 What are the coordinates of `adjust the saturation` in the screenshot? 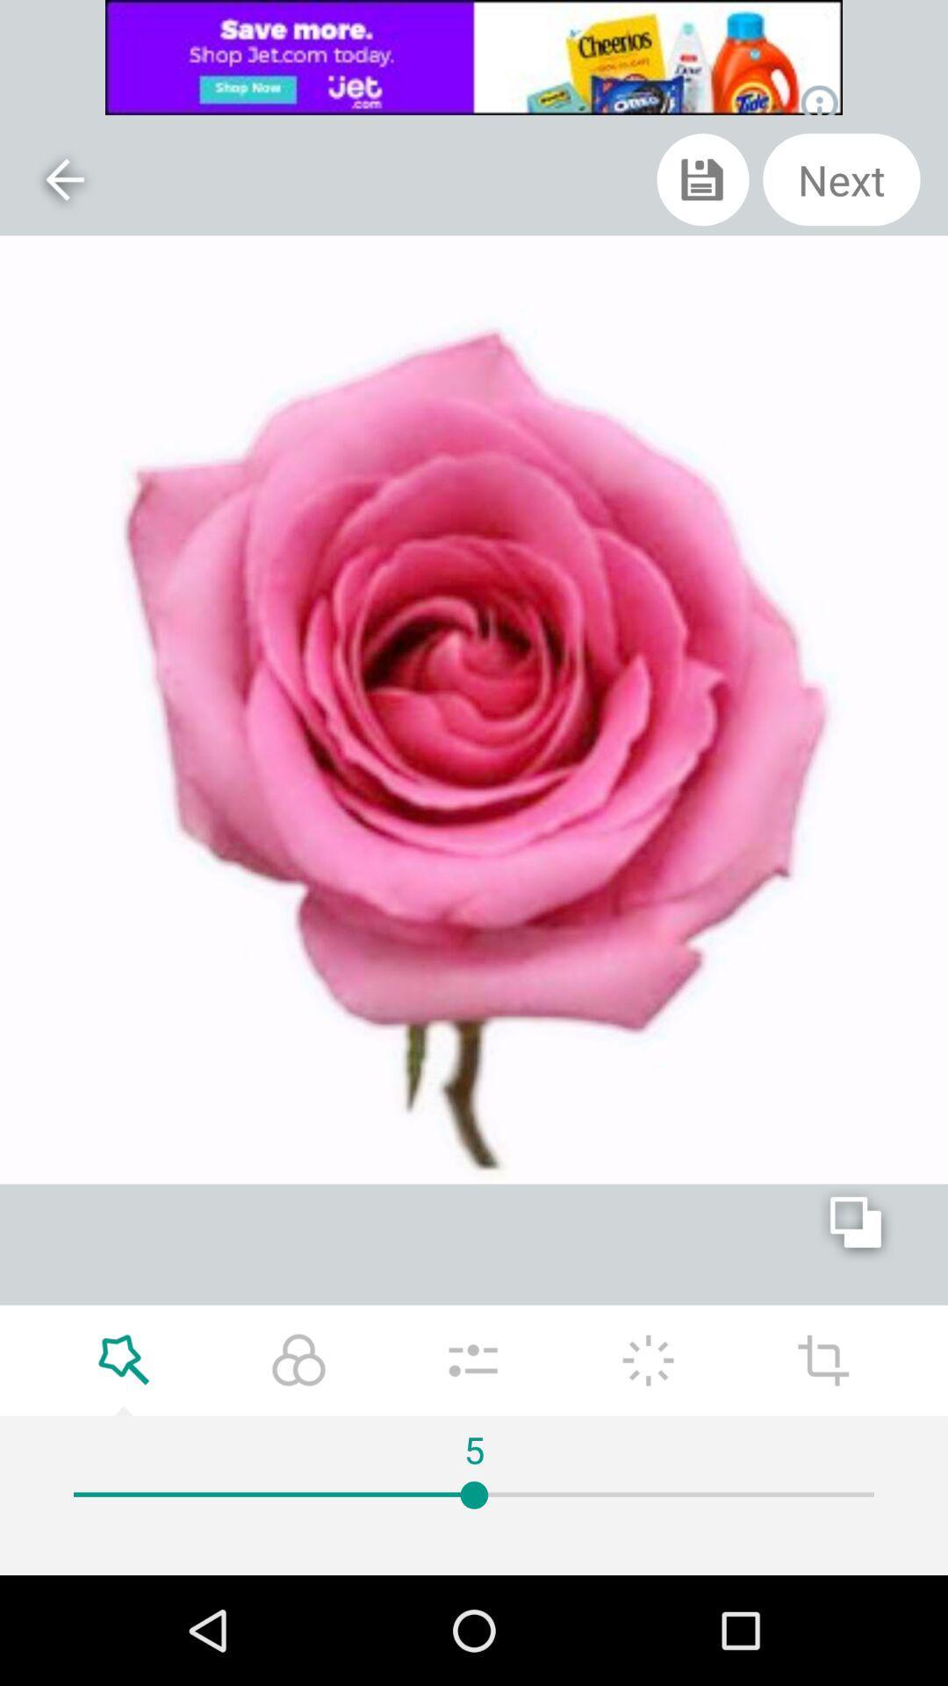 It's located at (472, 1359).